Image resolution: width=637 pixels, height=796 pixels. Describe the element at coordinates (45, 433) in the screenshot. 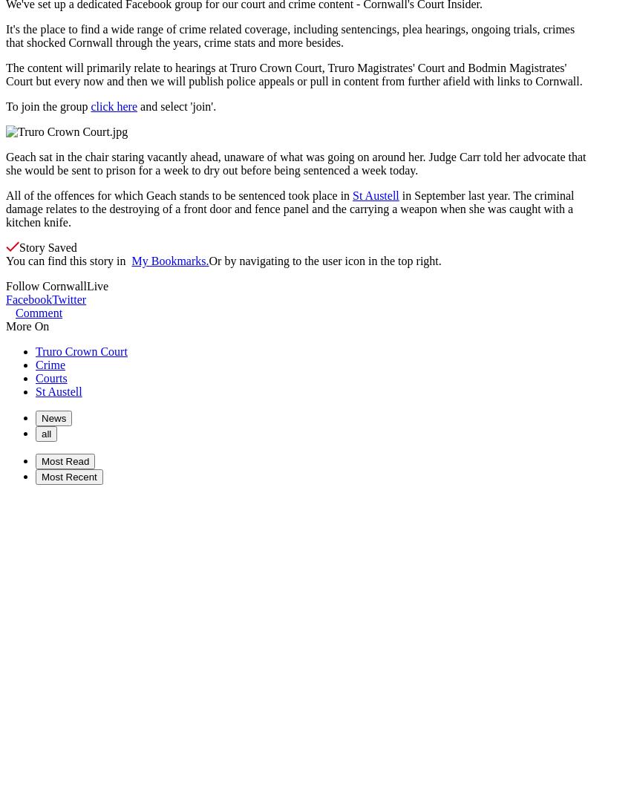

I see `'all'` at that location.